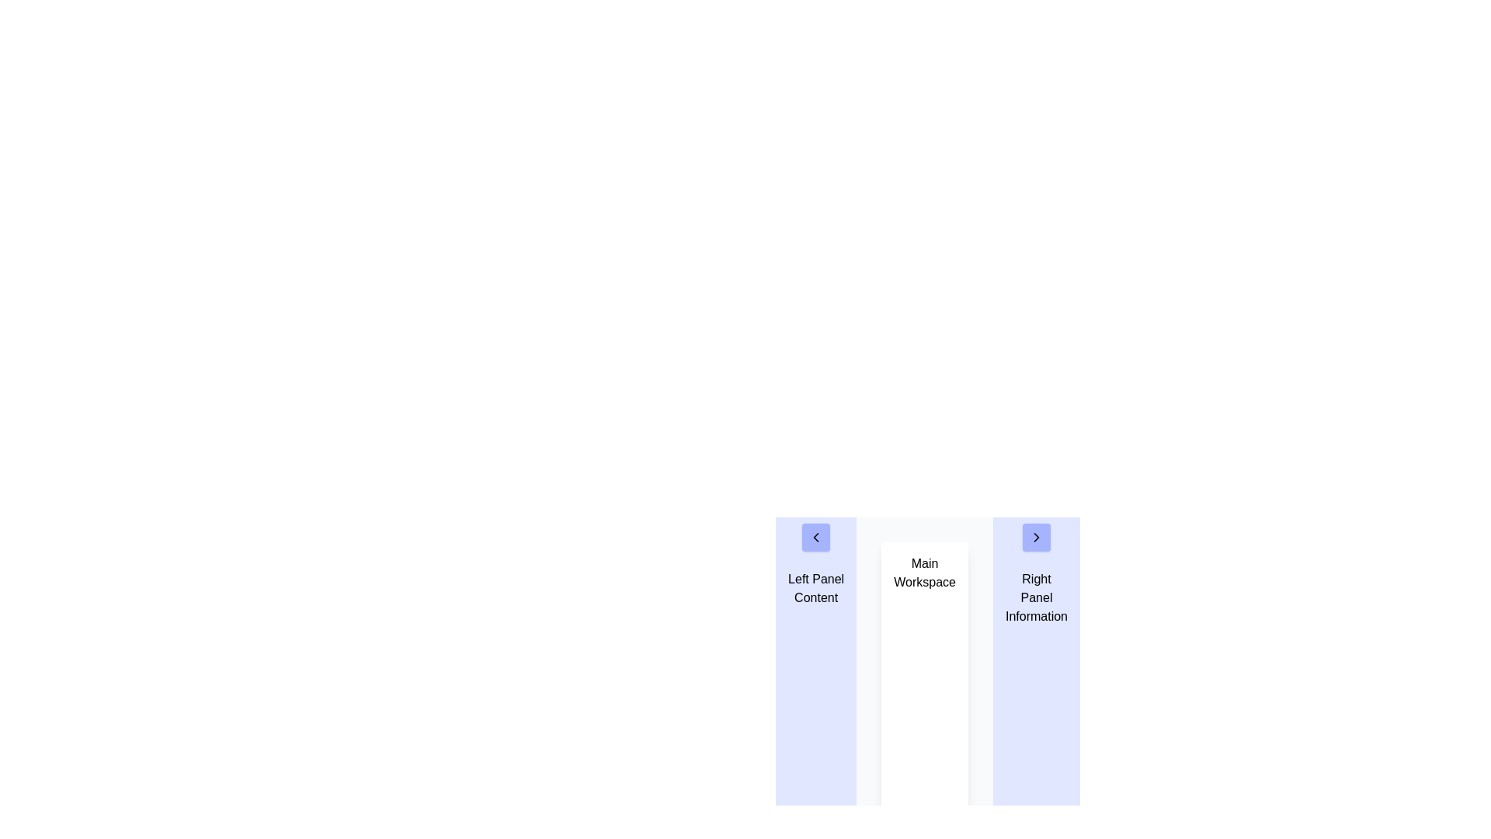 Image resolution: width=1491 pixels, height=839 pixels. I want to click on the navigation button located in the left panel under the header 'Left Panel Content', so click(815, 536).